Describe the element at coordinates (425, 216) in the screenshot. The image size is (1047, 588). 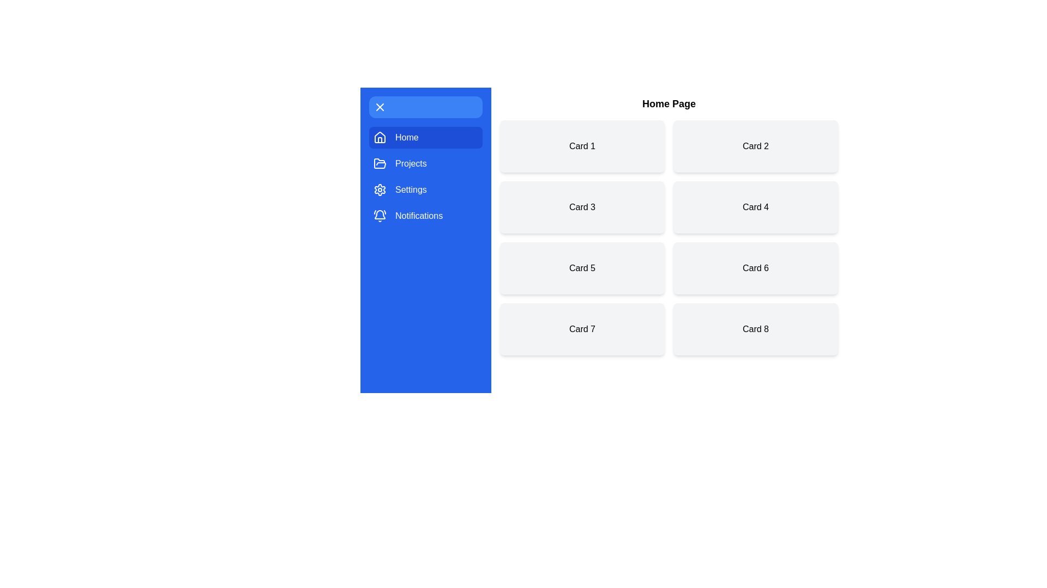
I see `the menu item Notifications in the StyledDrawer component` at that location.